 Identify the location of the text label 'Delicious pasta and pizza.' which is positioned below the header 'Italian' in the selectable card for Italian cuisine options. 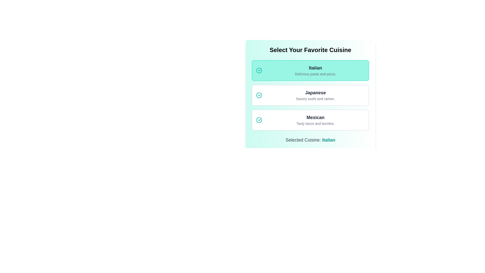
(315, 74).